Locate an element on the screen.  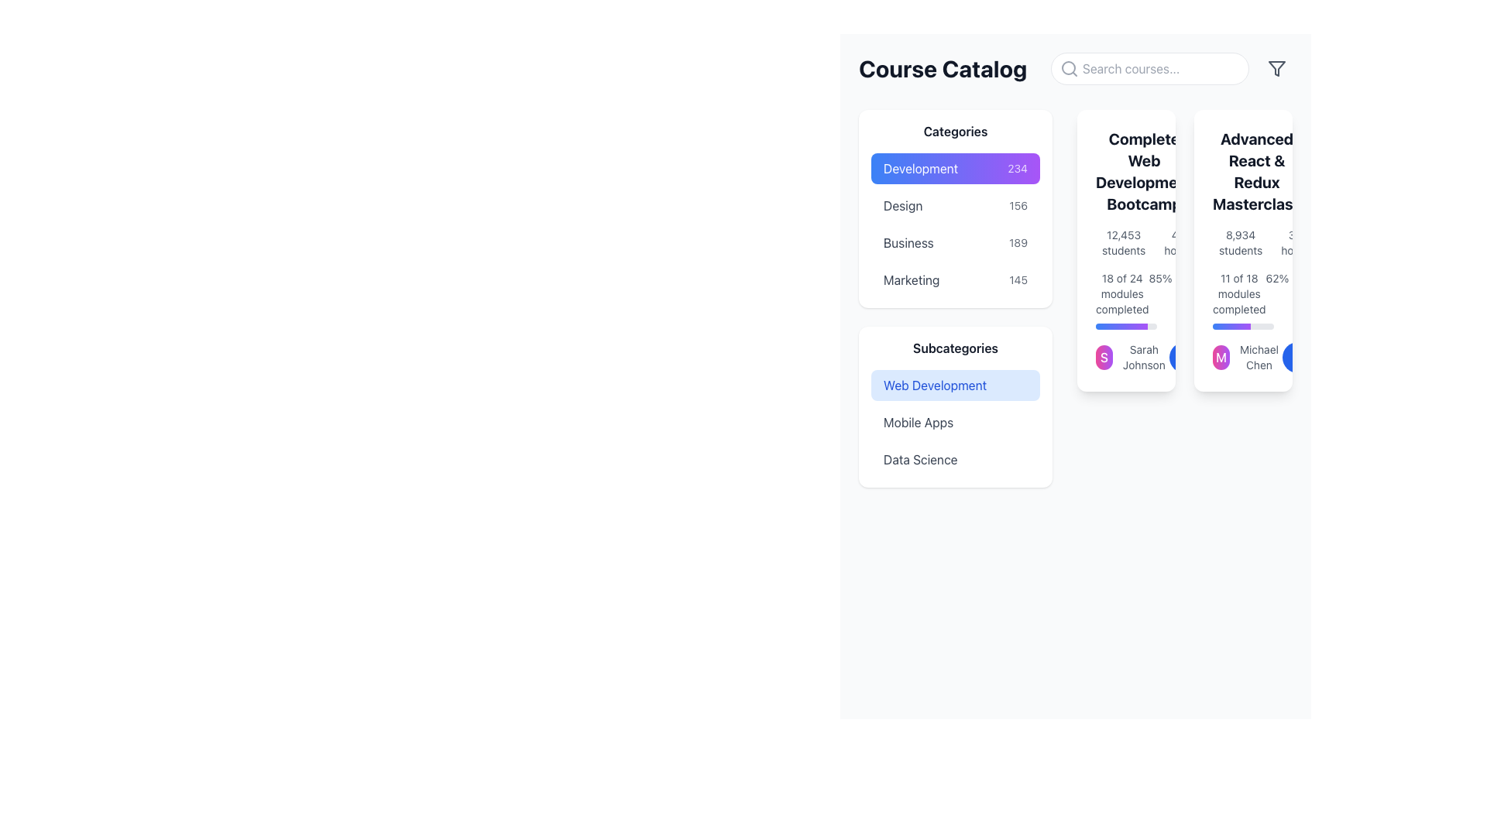
the state of the Circular SVG Element that serves as the central part of the search icon located at the top-right corner of the interface is located at coordinates (1068, 67).